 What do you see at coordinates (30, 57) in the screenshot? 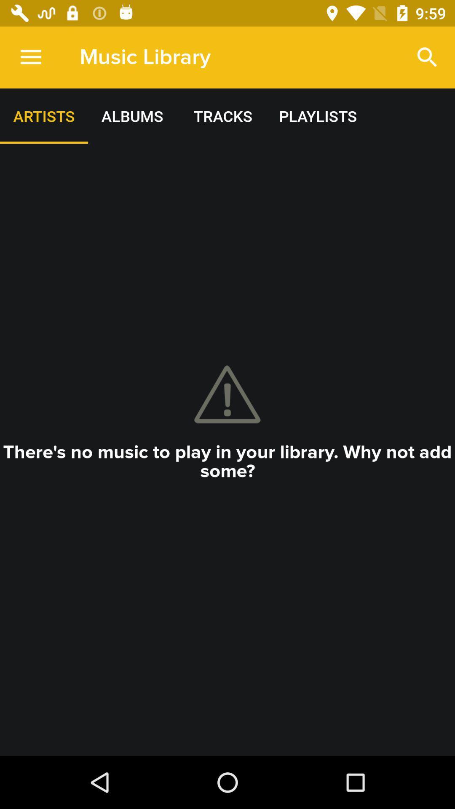
I see `the icon next to music library icon` at bounding box center [30, 57].